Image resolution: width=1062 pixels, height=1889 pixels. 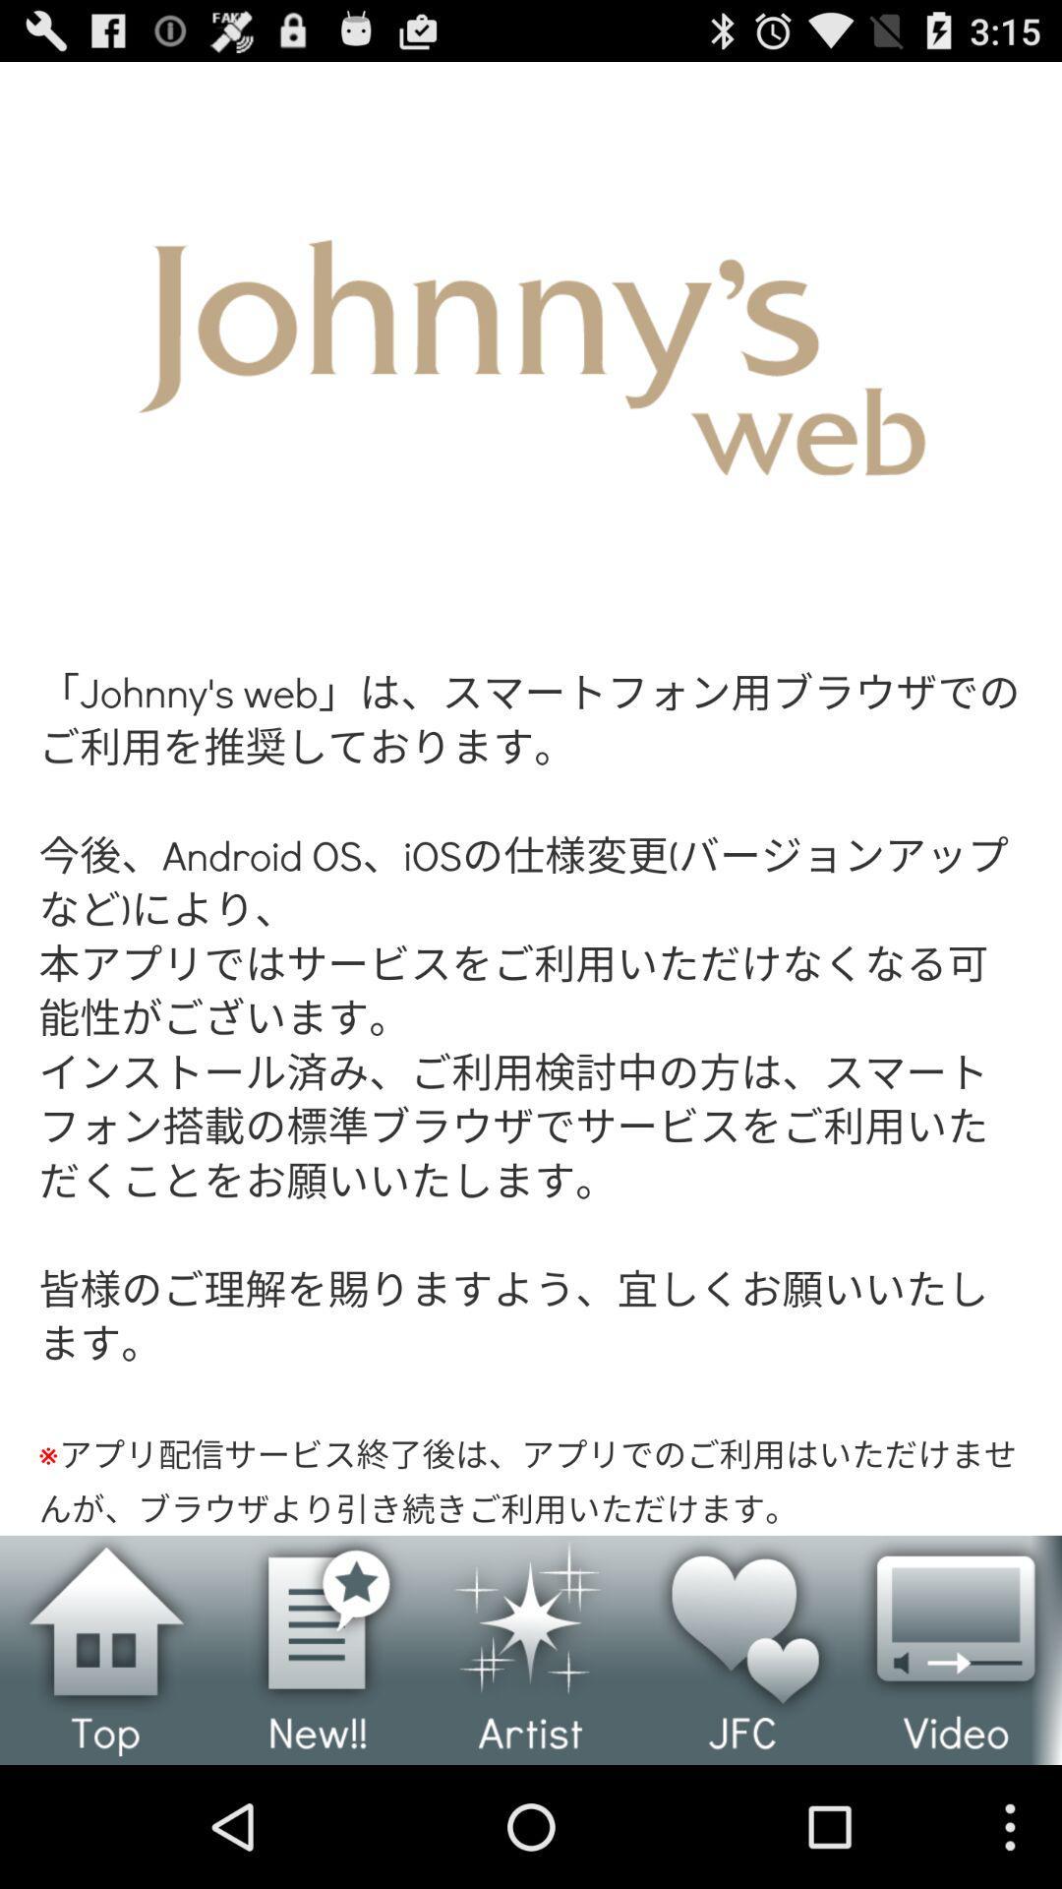 What do you see at coordinates (318, 1650) in the screenshot?
I see `to select the new option` at bounding box center [318, 1650].